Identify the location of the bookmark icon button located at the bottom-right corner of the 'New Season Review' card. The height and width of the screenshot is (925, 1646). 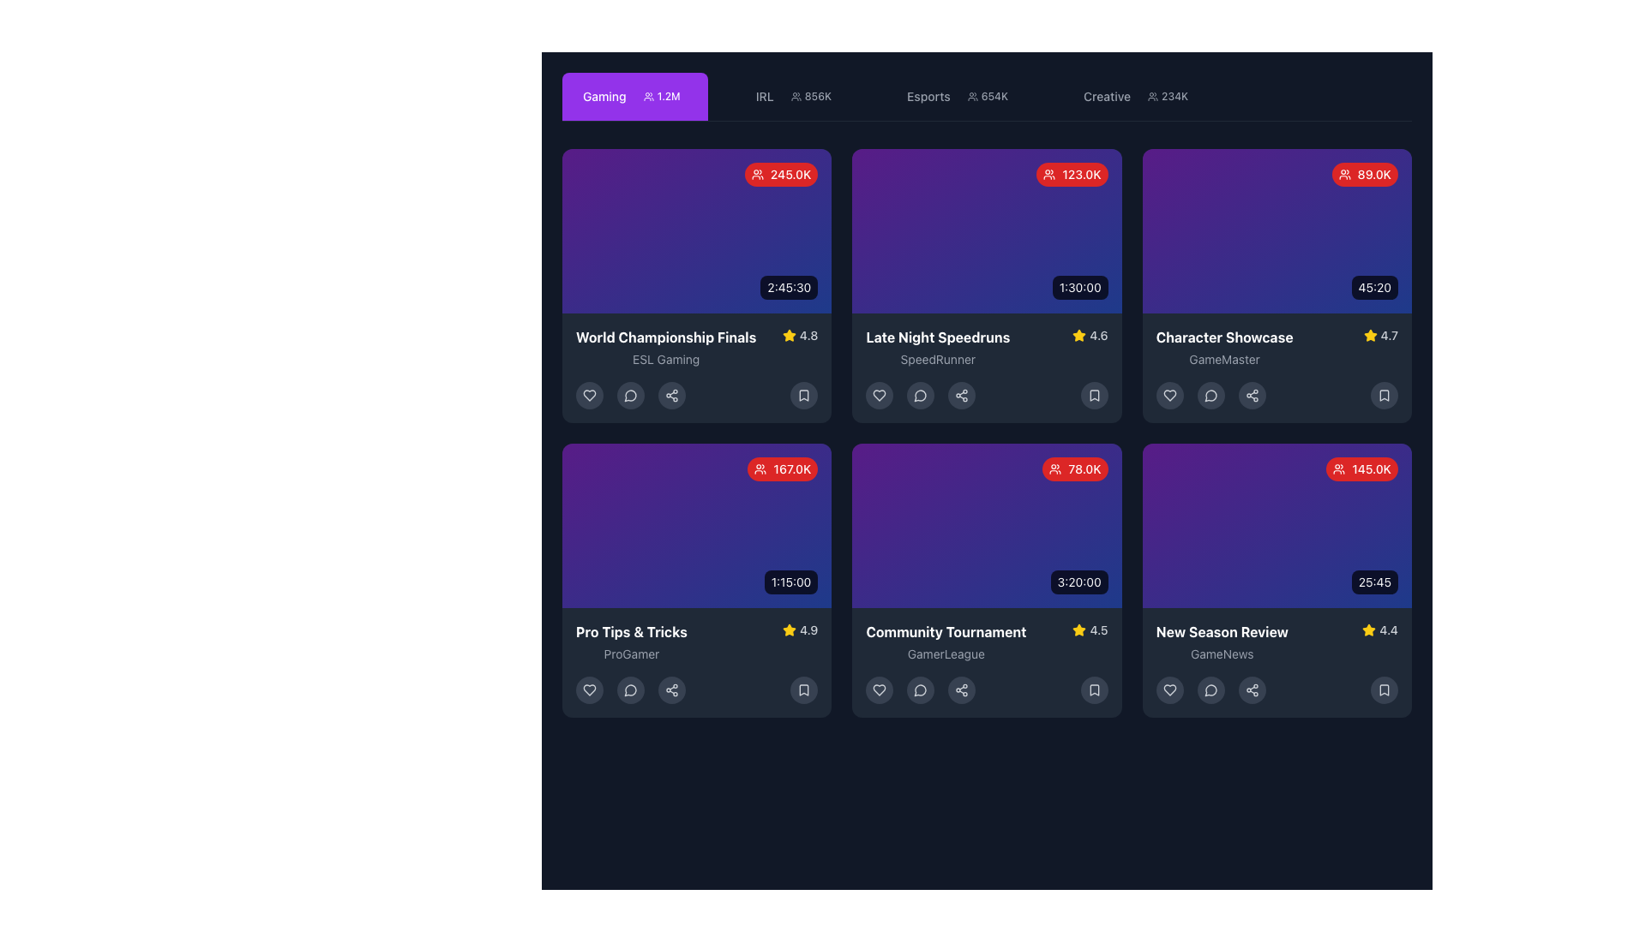
(1384, 689).